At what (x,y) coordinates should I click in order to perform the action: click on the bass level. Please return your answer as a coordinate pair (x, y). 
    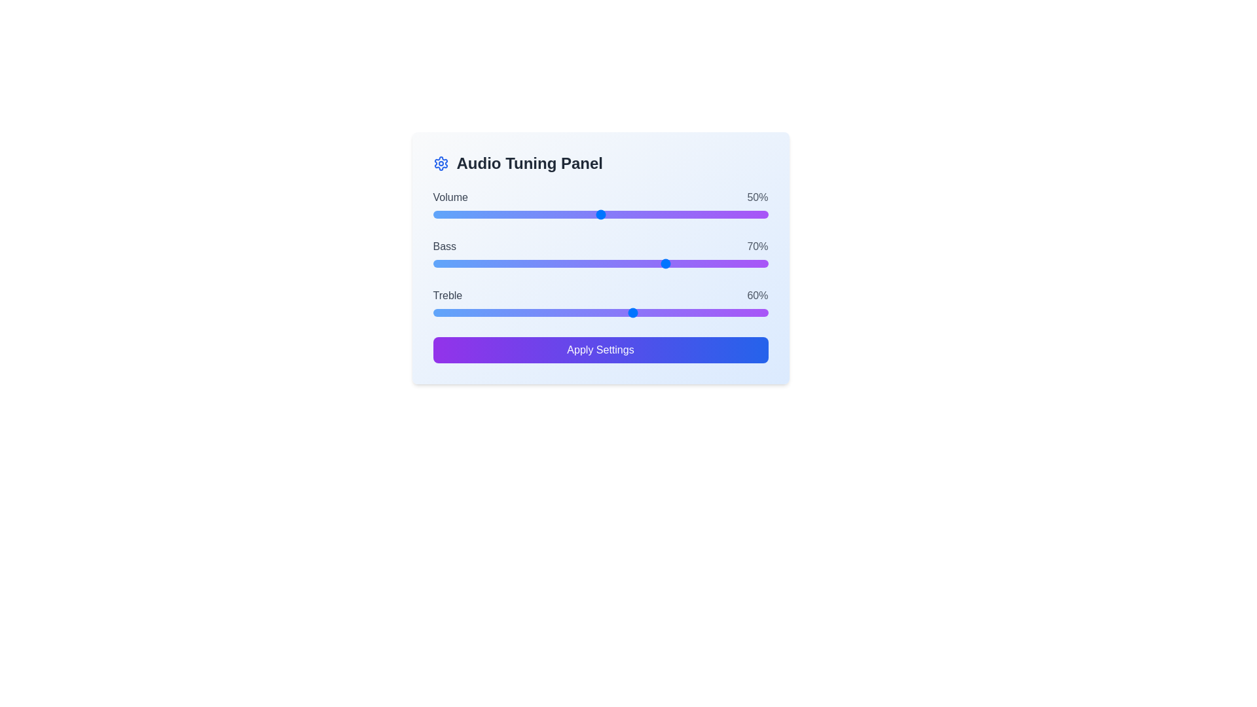
    Looking at the image, I should click on (603, 263).